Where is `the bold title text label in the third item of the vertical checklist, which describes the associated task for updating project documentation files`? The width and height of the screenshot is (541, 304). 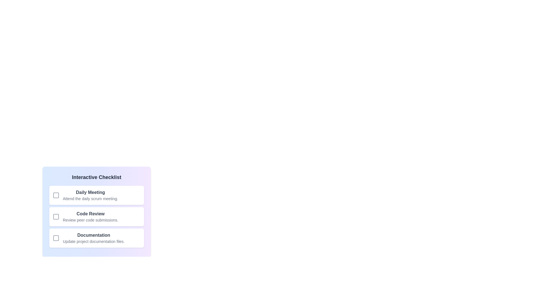
the bold title text label in the third item of the vertical checklist, which describes the associated task for updating project documentation files is located at coordinates (94, 235).